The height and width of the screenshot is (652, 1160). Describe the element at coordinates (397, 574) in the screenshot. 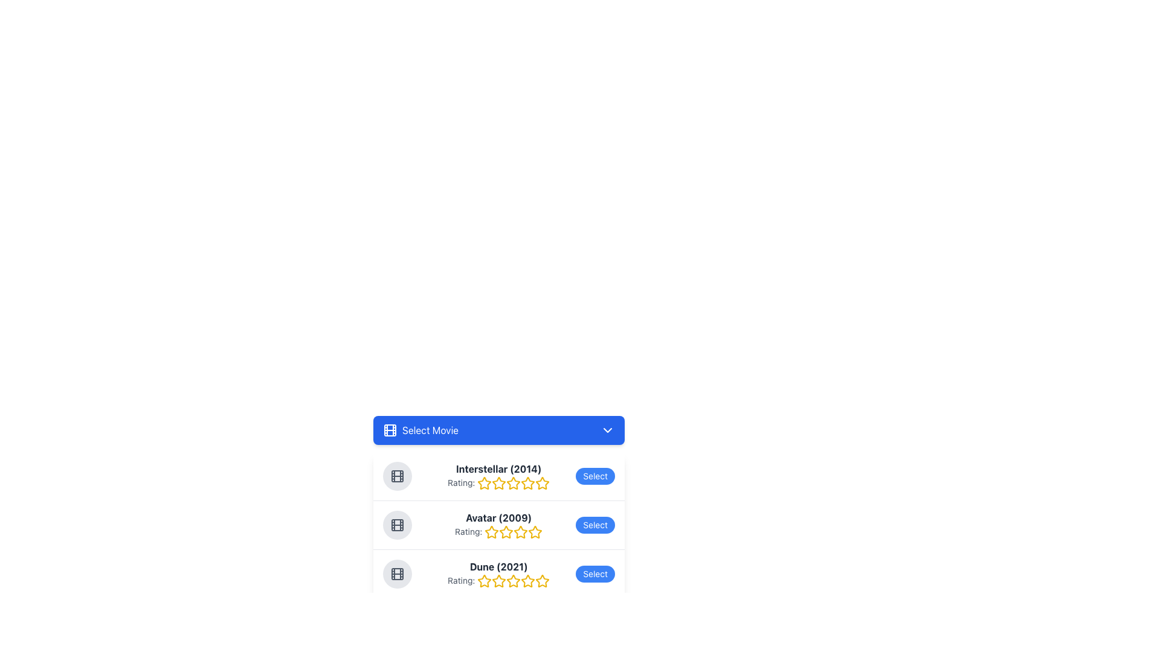

I see `the rectangular UI element with a light gray background and rounded edges located within the bottom-most film reel icon in the 'Select Movie' dropdown` at that location.